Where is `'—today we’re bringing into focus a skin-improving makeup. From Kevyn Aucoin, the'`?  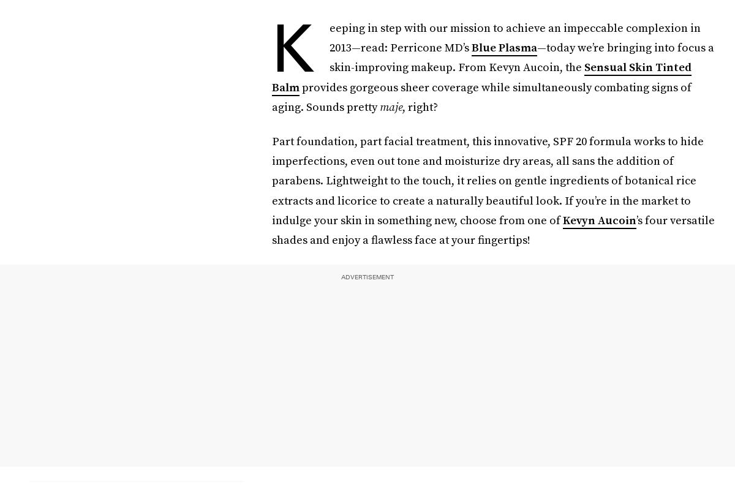 '—today we’re bringing into focus a skin-improving makeup. From Kevyn Aucoin, the' is located at coordinates (328, 57).